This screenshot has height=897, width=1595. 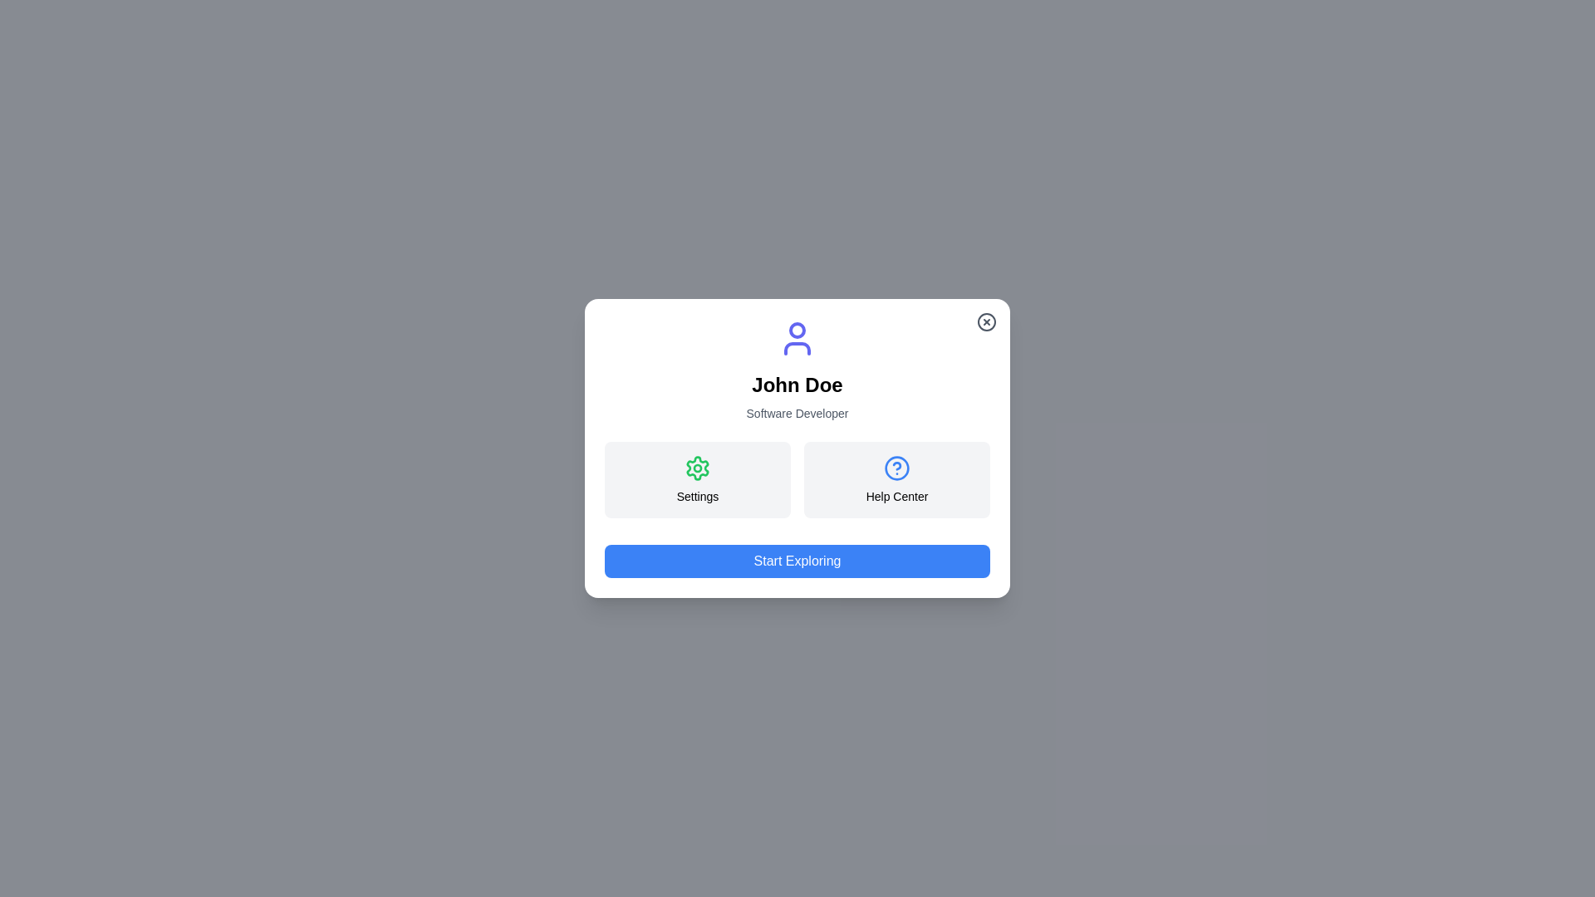 I want to click on the circular close button icon located at the center of the SVG element in the top-right corner of the card interface, so click(x=987, y=322).